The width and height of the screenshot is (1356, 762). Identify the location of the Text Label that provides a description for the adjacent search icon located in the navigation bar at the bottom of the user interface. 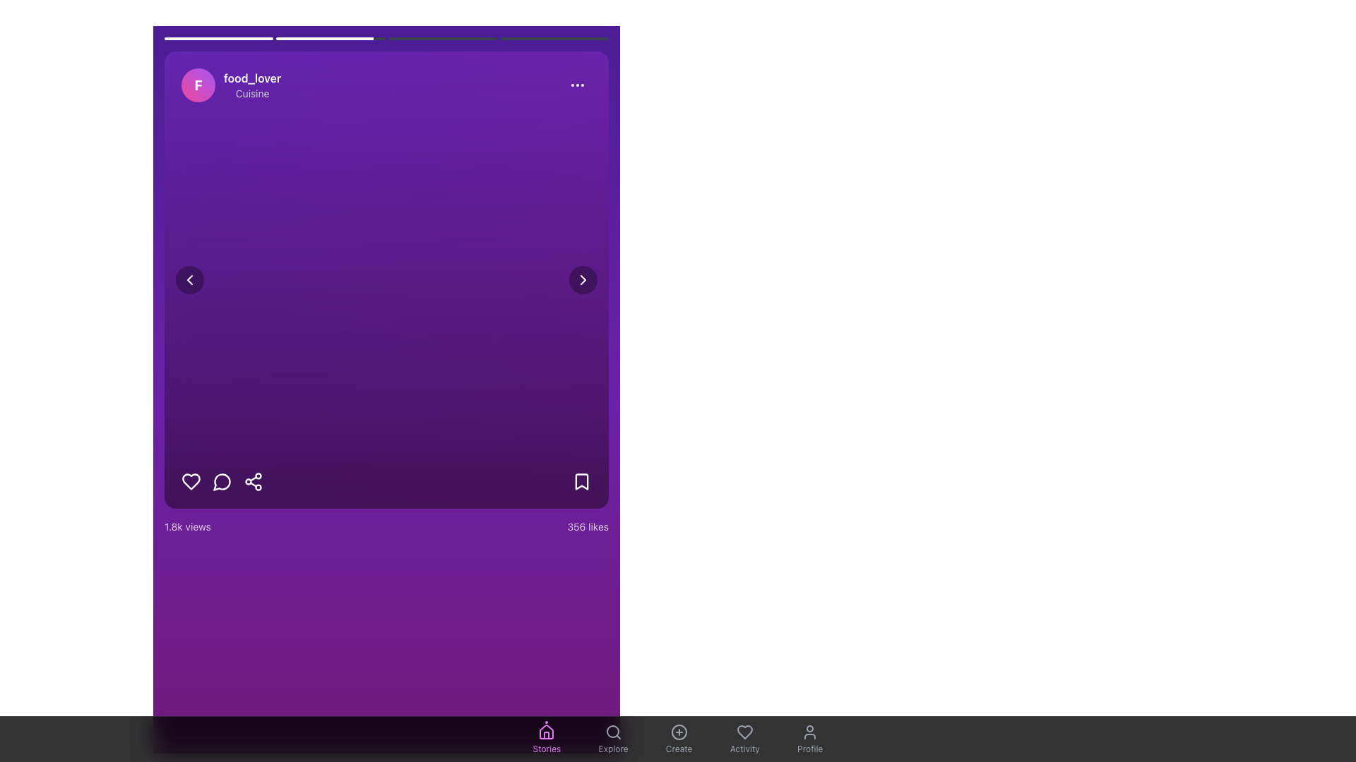
(613, 748).